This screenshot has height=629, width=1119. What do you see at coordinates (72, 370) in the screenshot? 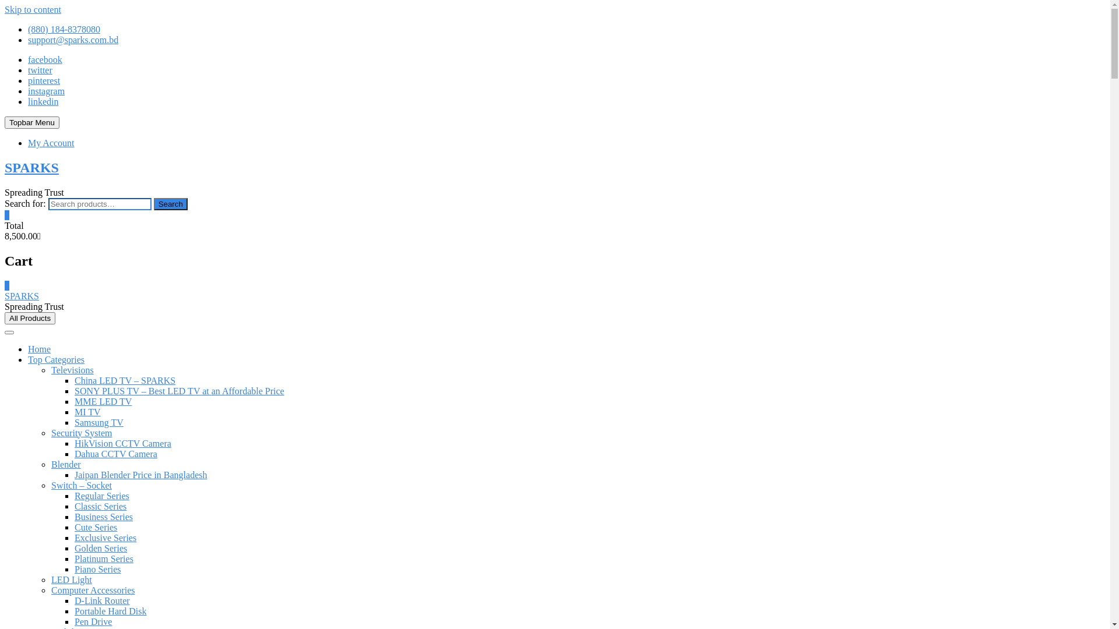
I see `'Televisions'` at bounding box center [72, 370].